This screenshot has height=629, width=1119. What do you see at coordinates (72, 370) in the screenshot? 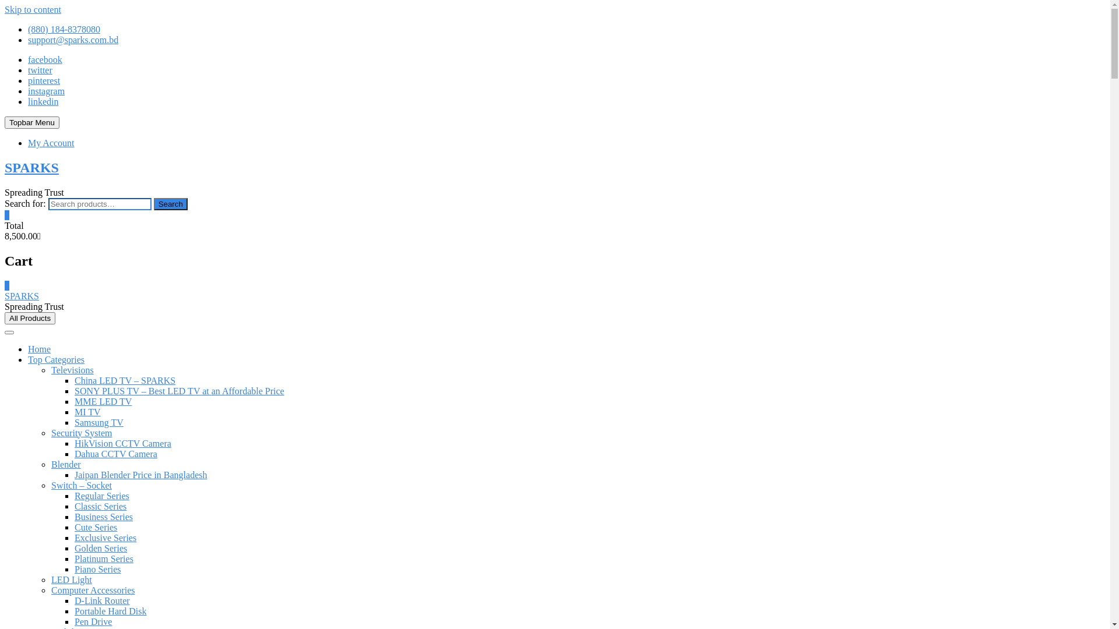
I see `'Televisions'` at bounding box center [72, 370].